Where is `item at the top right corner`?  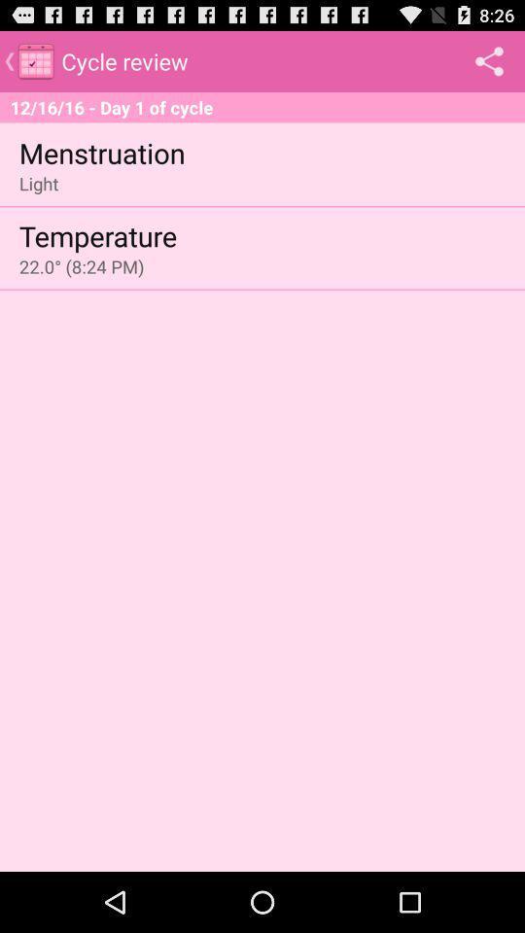
item at the top right corner is located at coordinates (488, 60).